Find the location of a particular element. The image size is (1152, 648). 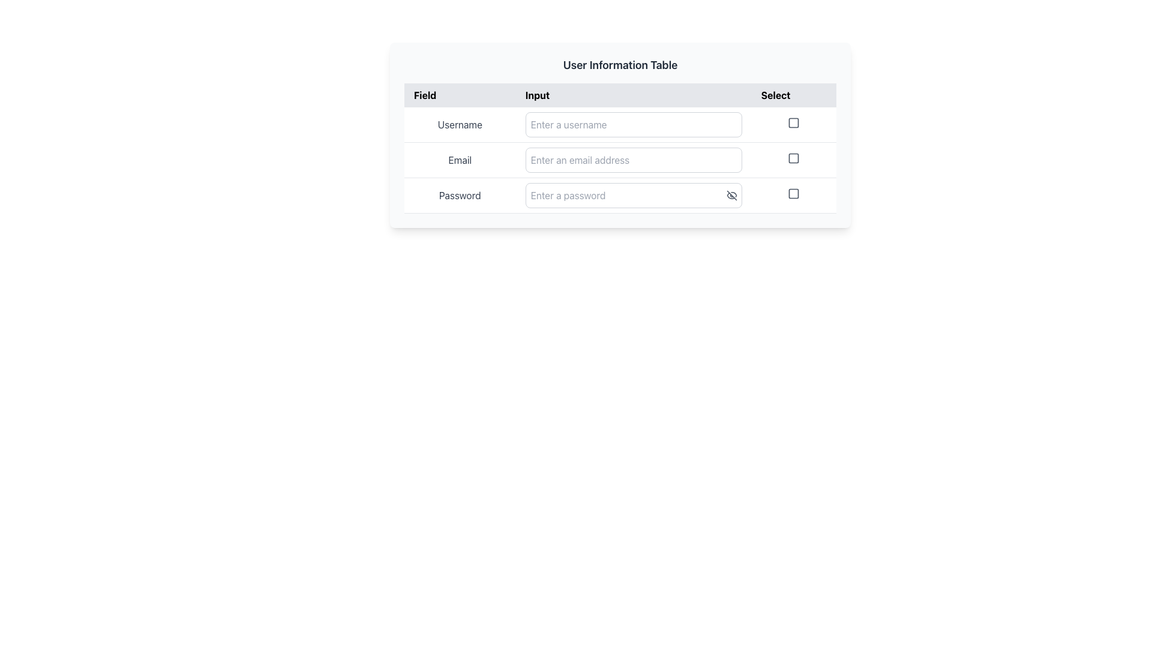

the selectable option or marker related to the 'Username' field in the 'User Information Table', positioned in the top row under the 'Select' column is located at coordinates (794, 125).